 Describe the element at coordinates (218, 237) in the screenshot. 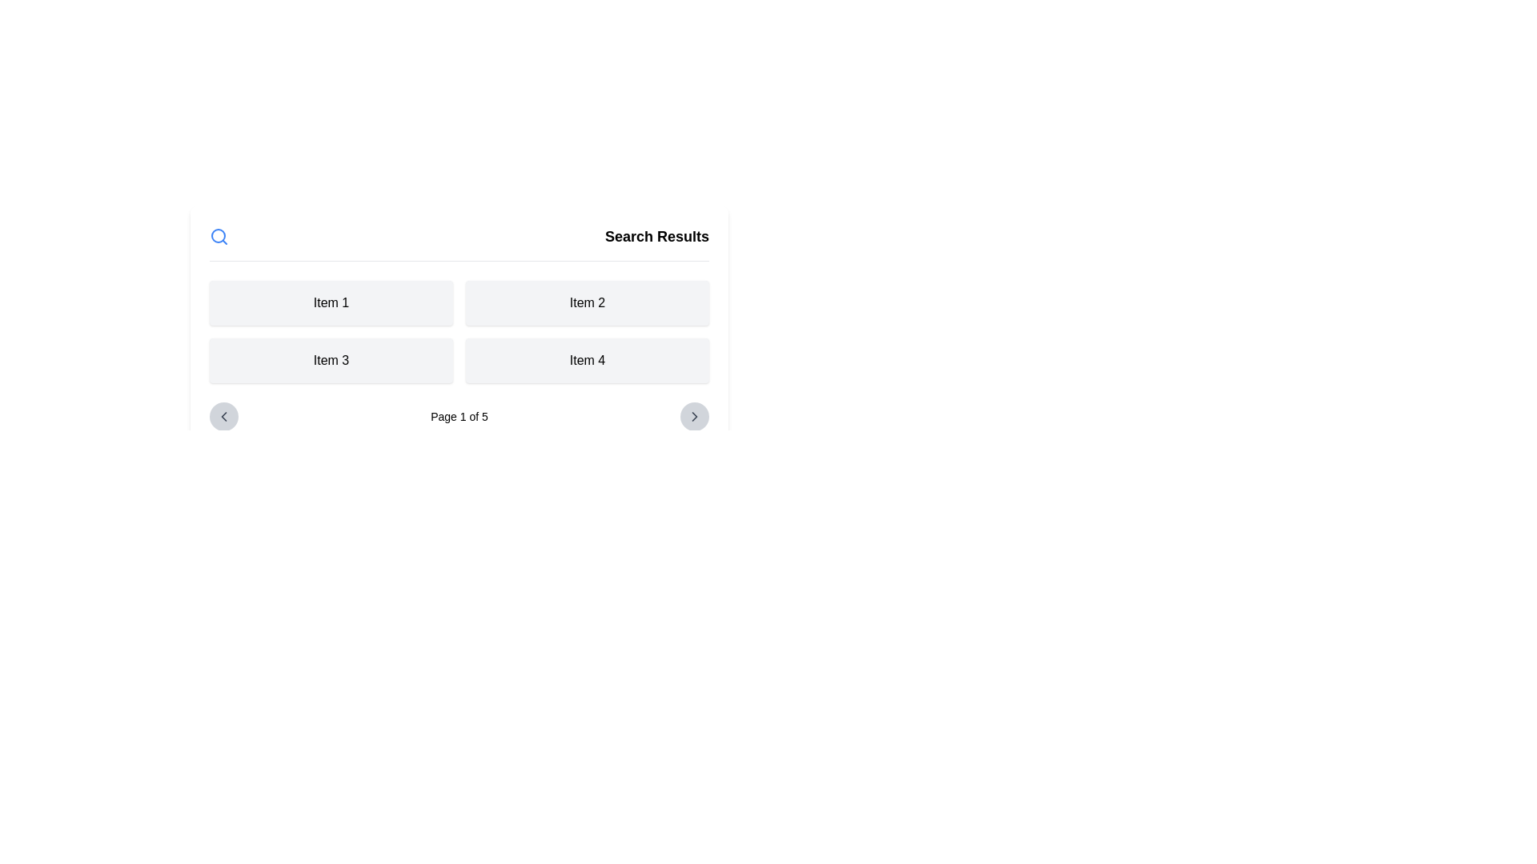

I see `the search icon located at the top-left corner of the 'Search Results' header, which is visually distinct and positioned to the left of the title` at that location.